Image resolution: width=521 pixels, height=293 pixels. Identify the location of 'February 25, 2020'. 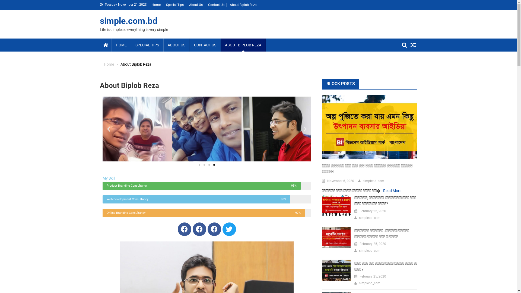
(372, 276).